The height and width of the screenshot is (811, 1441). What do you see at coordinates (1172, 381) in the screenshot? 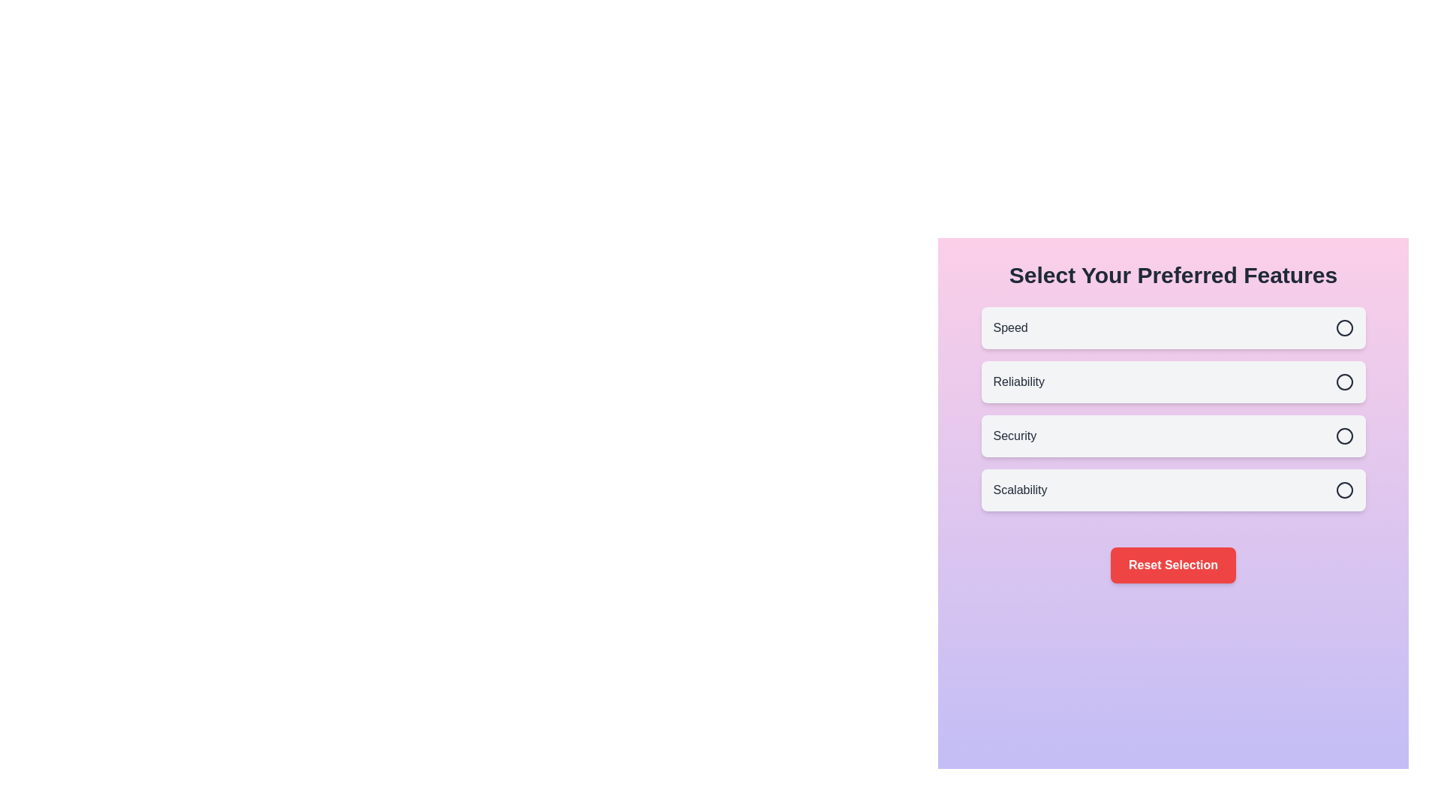
I see `the feature Reliability` at bounding box center [1172, 381].